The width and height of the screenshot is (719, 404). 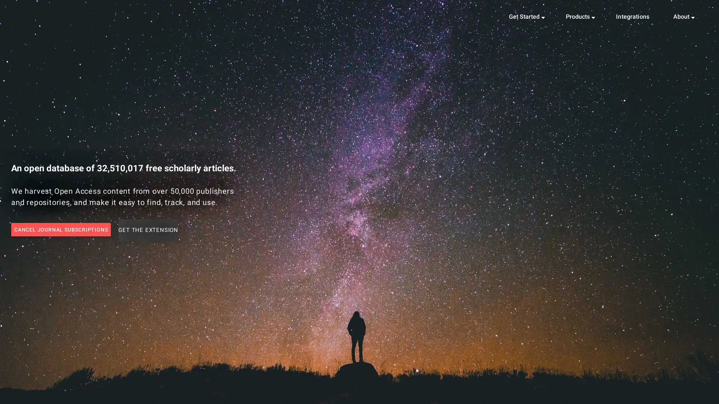 What do you see at coordinates (580, 16) in the screenshot?
I see `Products` at bounding box center [580, 16].